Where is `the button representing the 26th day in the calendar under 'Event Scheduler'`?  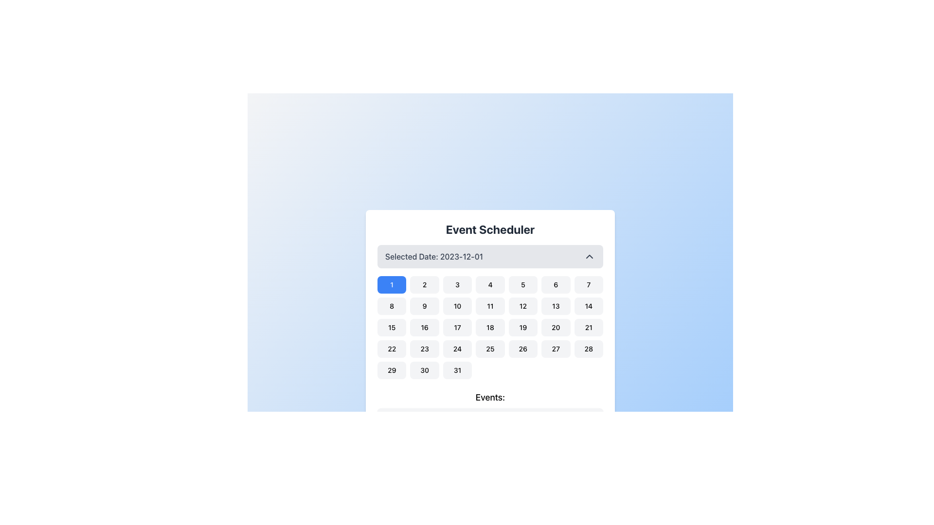 the button representing the 26th day in the calendar under 'Event Scheduler' is located at coordinates (522, 348).